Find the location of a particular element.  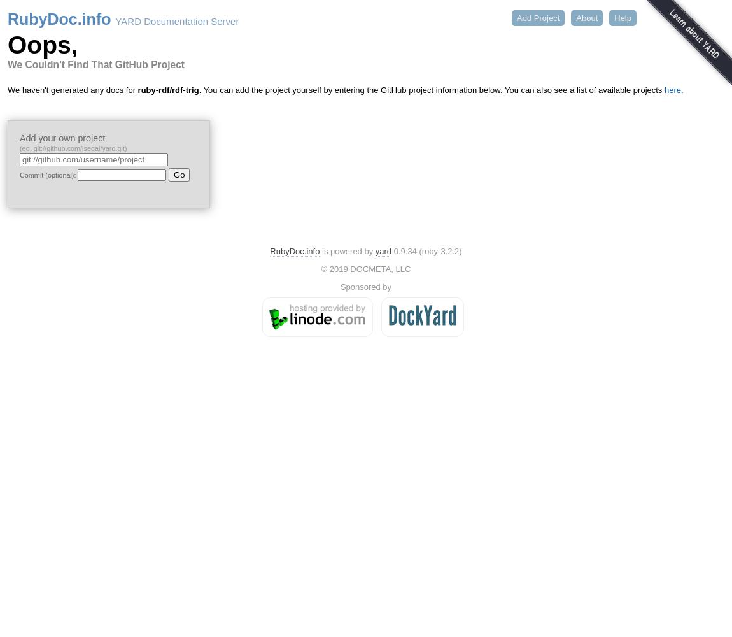

'Help' is located at coordinates (623, 18).